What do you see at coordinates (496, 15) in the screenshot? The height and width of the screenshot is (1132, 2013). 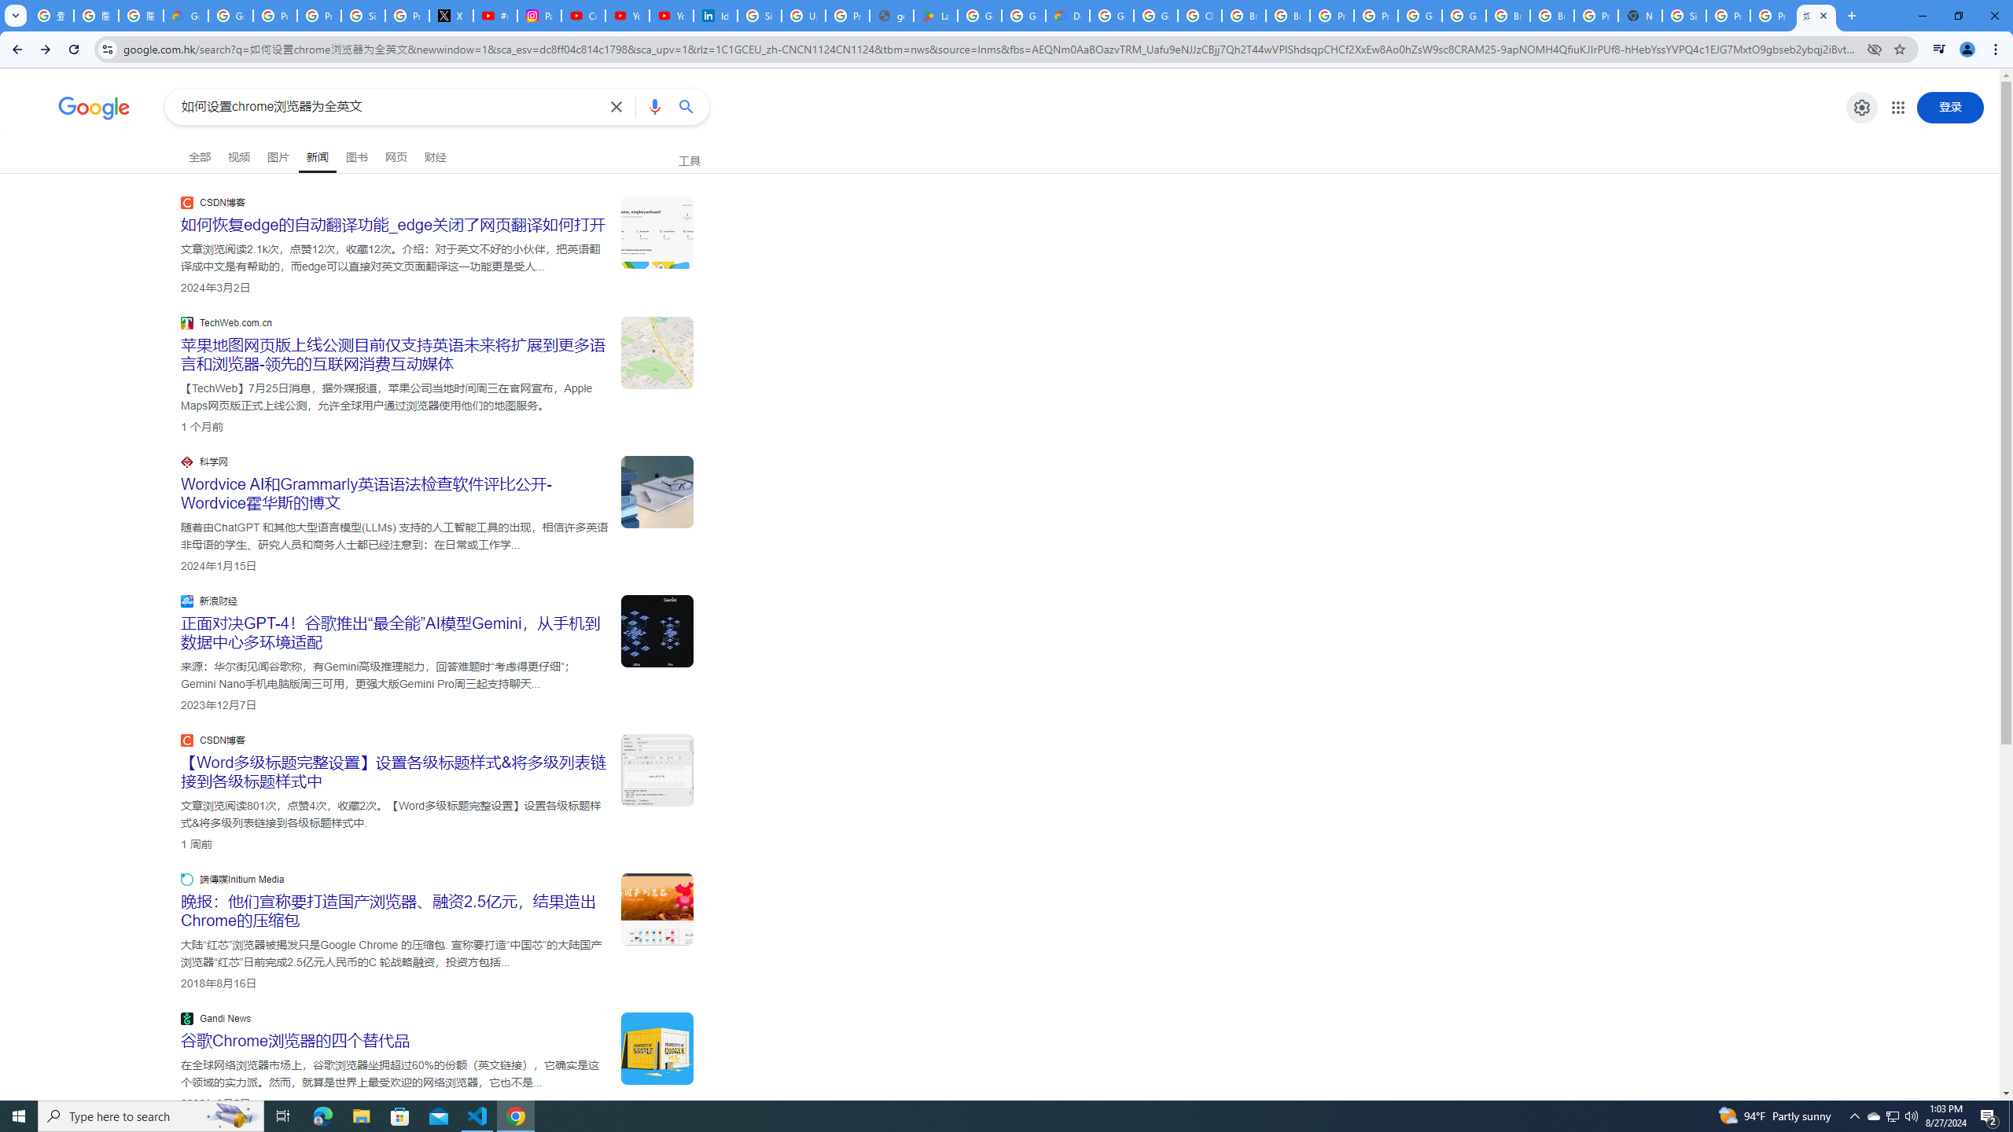 I see `'#nbabasketballhighlights - YouTube'` at bounding box center [496, 15].